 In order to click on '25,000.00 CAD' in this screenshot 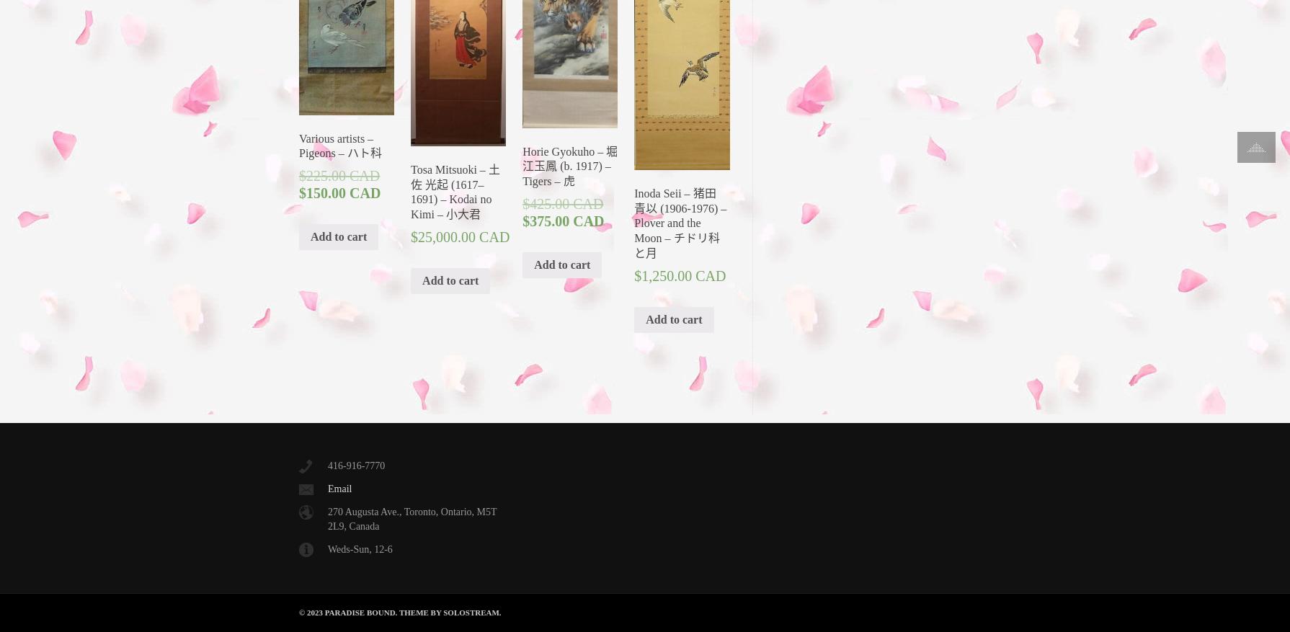, I will do `click(417, 236)`.